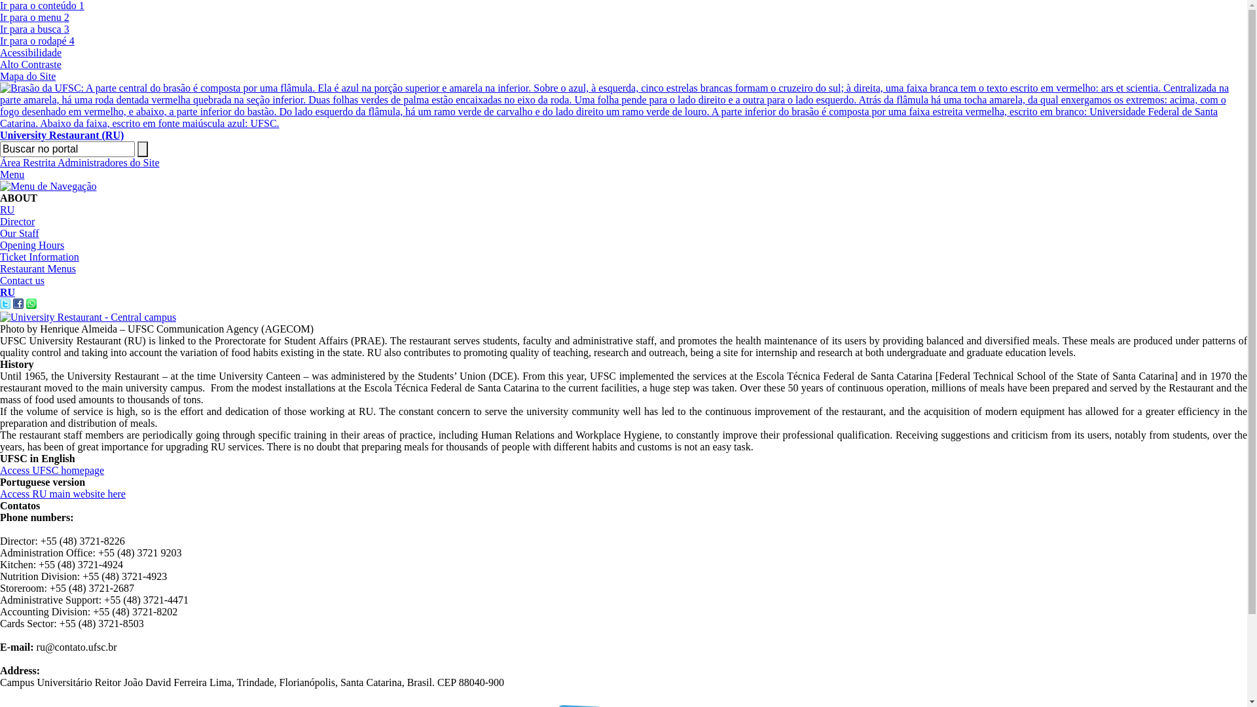 Image resolution: width=1257 pixels, height=707 pixels. I want to click on 'RU', so click(7, 291).